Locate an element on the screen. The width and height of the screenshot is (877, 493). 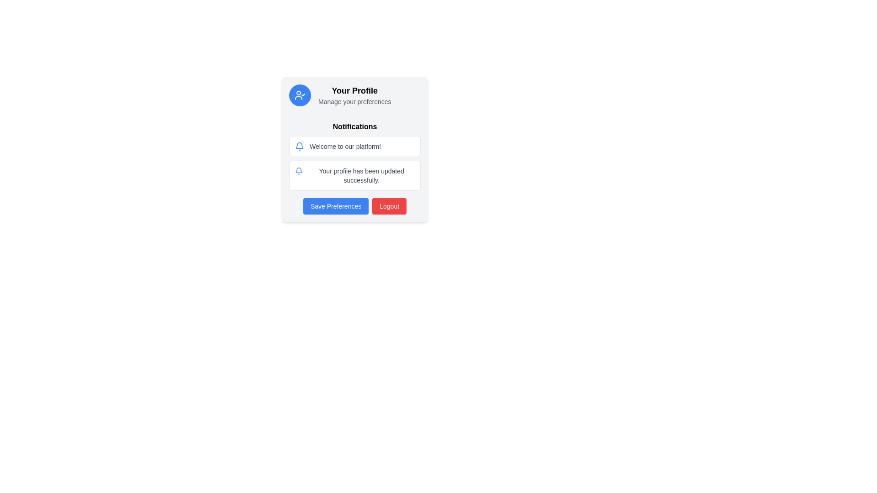
text content of the header element located directly below the 'Your Profile' section, which serves to guide users in the notifications area is located at coordinates (354, 126).